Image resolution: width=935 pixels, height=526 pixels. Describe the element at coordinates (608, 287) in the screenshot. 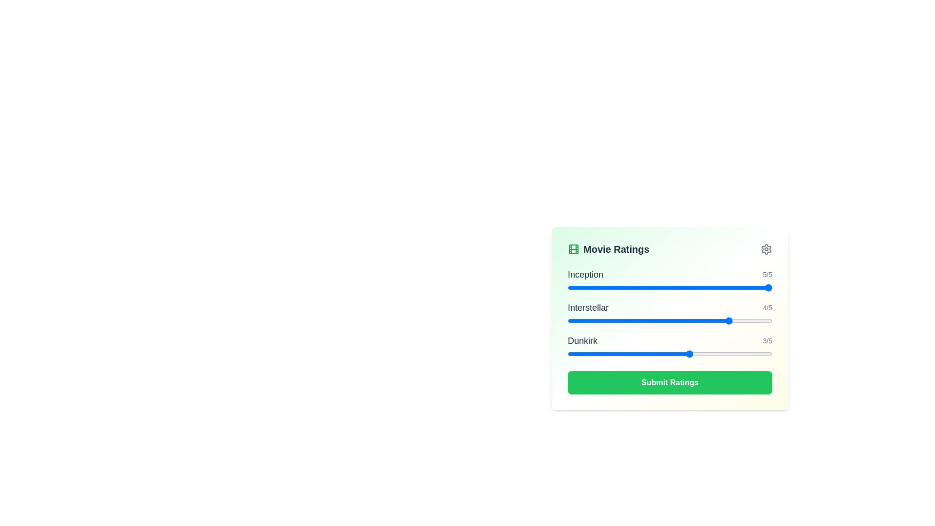

I see `the rating for 'Inception'` at that location.